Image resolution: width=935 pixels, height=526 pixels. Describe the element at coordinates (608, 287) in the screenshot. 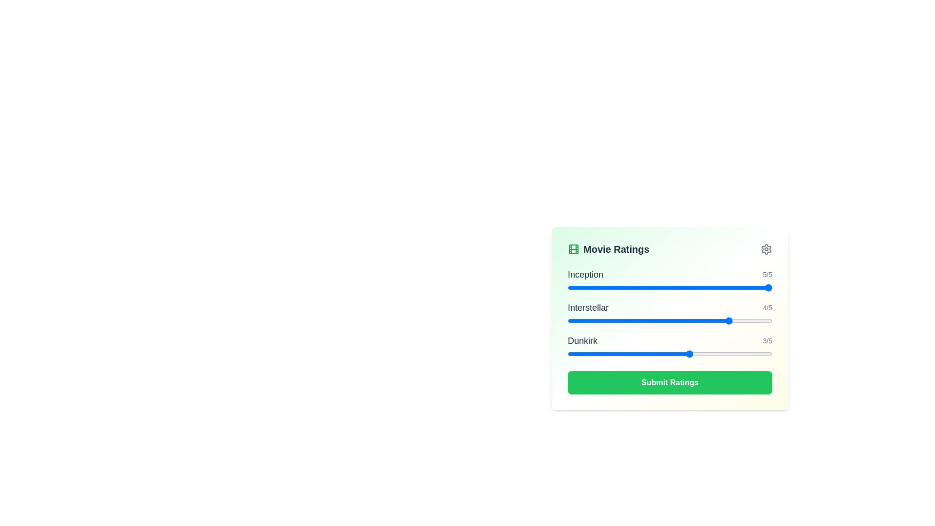

I see `the rating for 'Inception'` at that location.